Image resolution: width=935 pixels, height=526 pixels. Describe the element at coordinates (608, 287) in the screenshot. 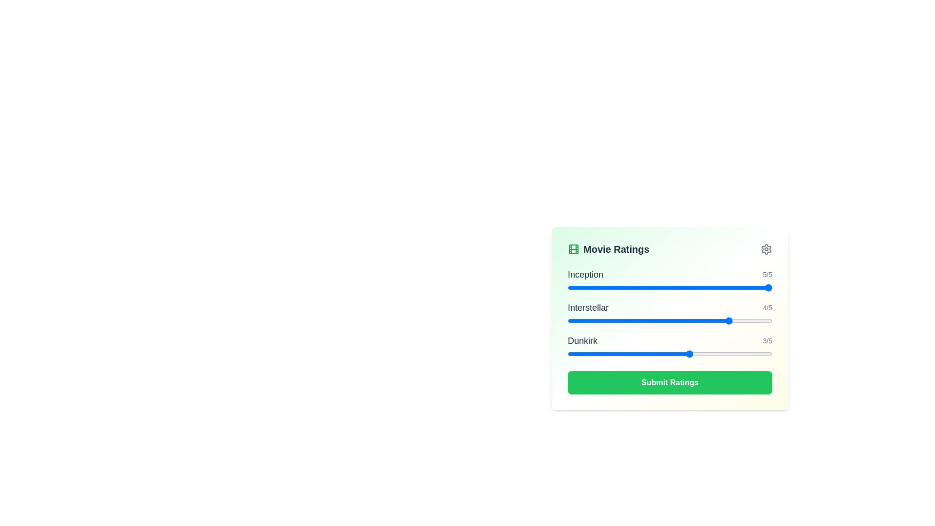

I see `the rating for 'Inception'` at that location.